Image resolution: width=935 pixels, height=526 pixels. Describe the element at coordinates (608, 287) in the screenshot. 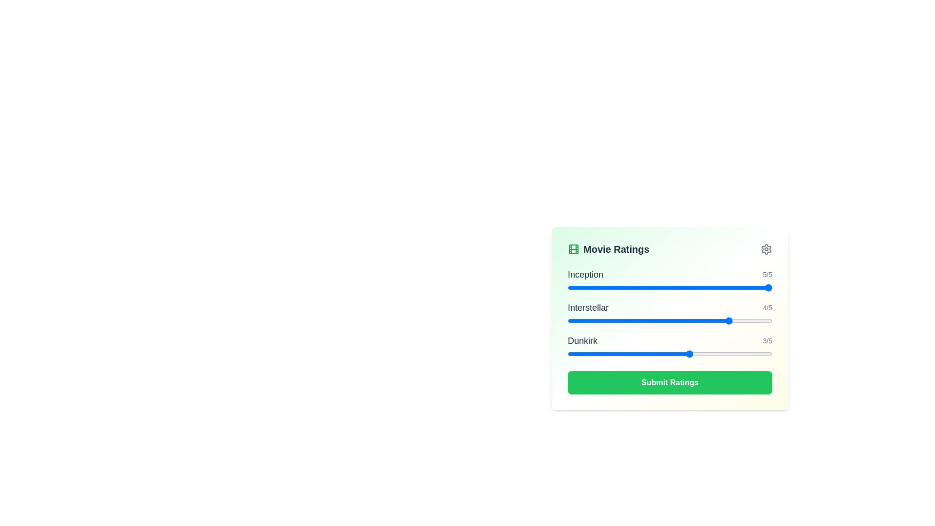

I see `the rating for 'Inception'` at that location.